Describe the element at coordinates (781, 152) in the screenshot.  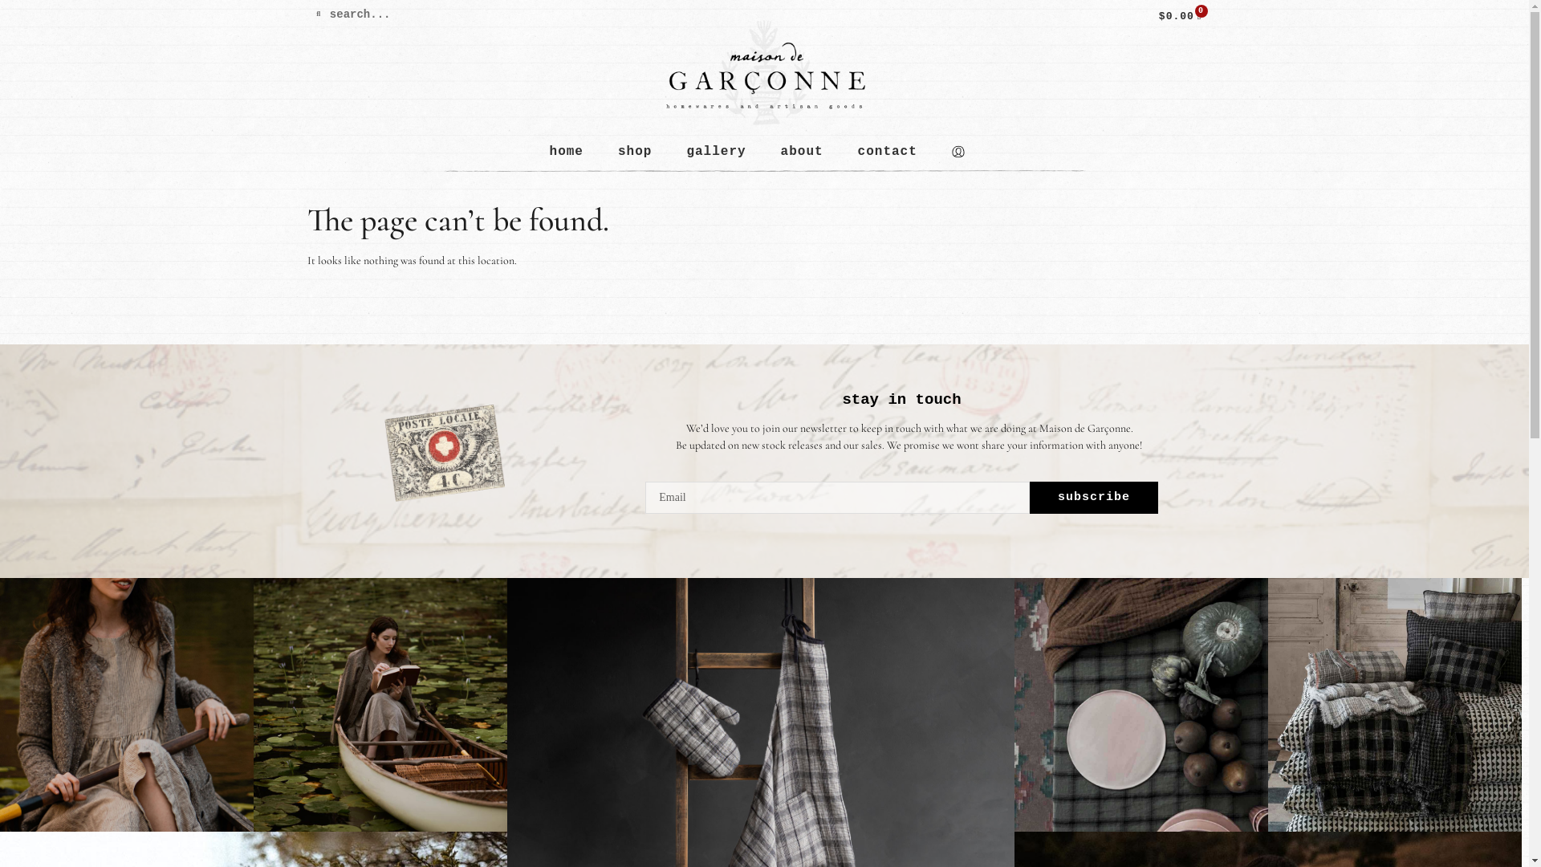
I see `'about'` at that location.